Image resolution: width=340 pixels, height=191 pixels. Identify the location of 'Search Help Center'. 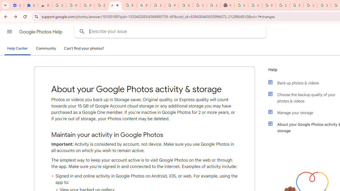
(82, 31).